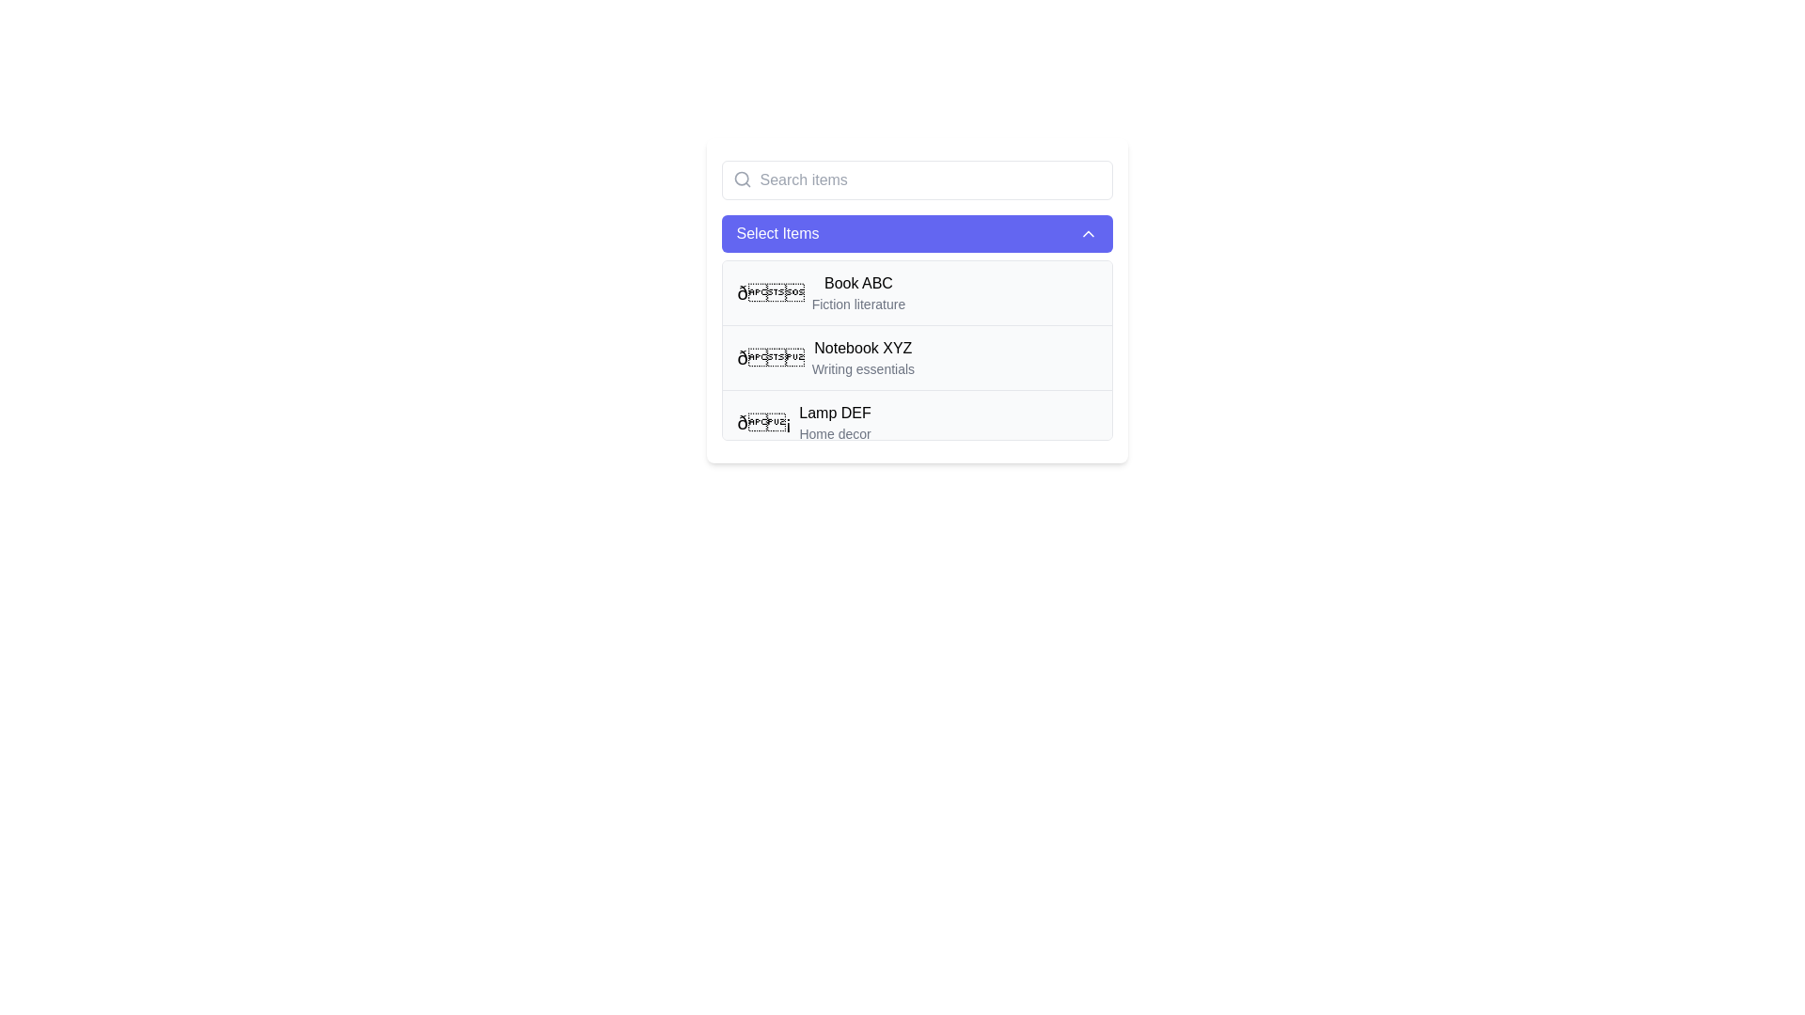  What do you see at coordinates (917, 421) in the screenshot?
I see `the third selectable list item labeled 'Lamp DEF'` at bounding box center [917, 421].